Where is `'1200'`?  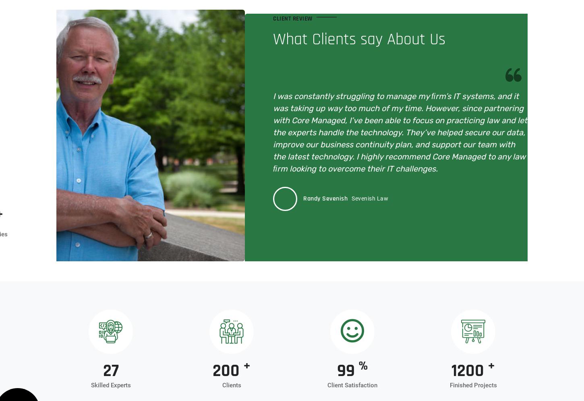
'1200' is located at coordinates (469, 371).